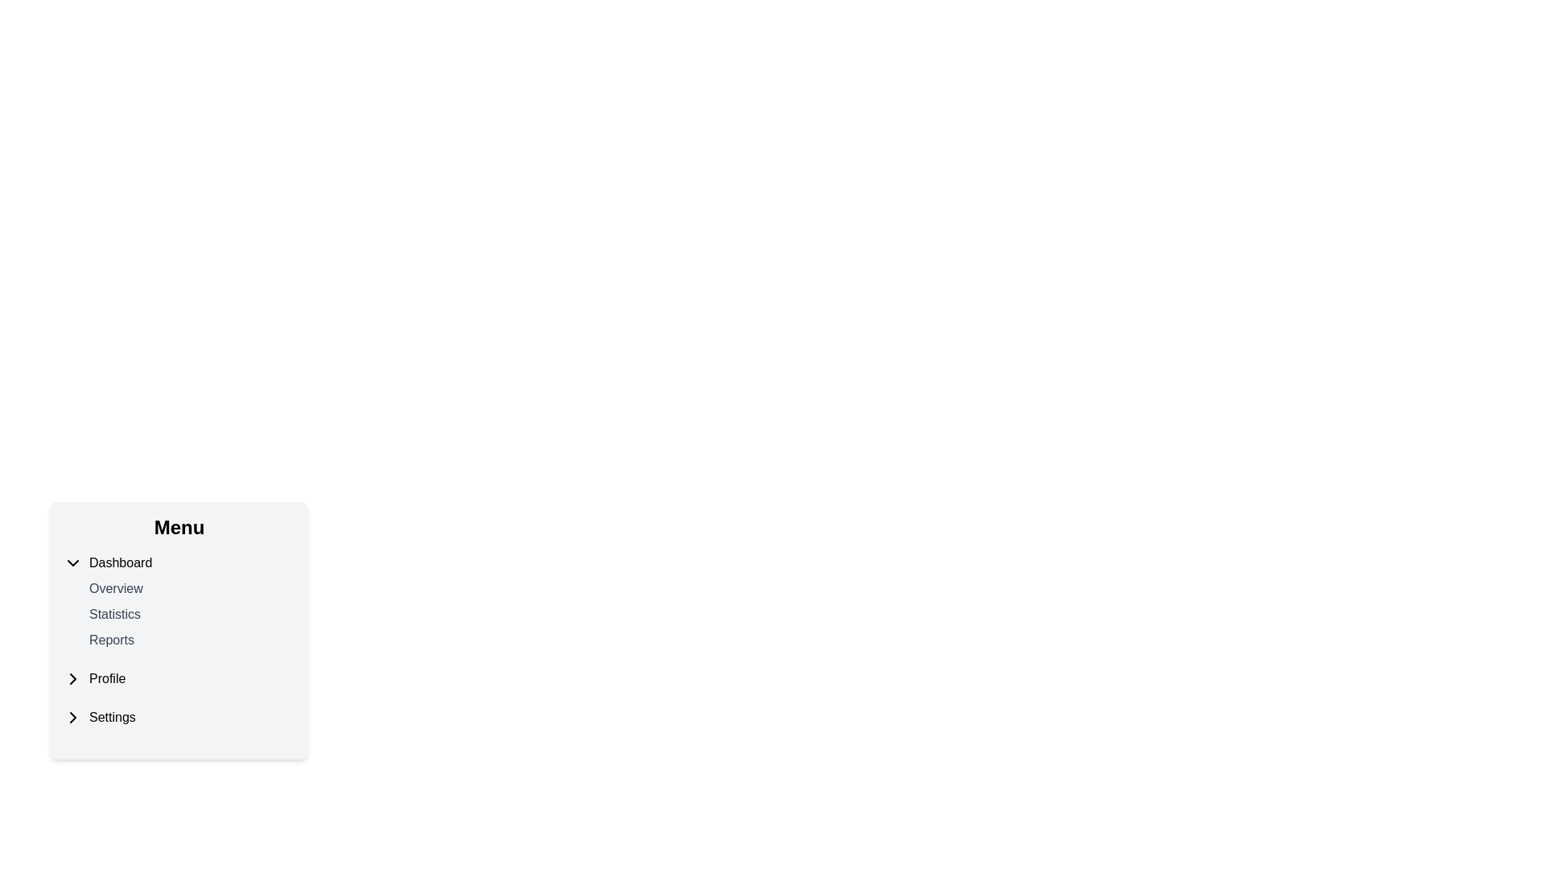  What do you see at coordinates (120, 562) in the screenshot?
I see `the 'Dashboard' text label in the navigation menu, which follows a downward chevron icon` at bounding box center [120, 562].